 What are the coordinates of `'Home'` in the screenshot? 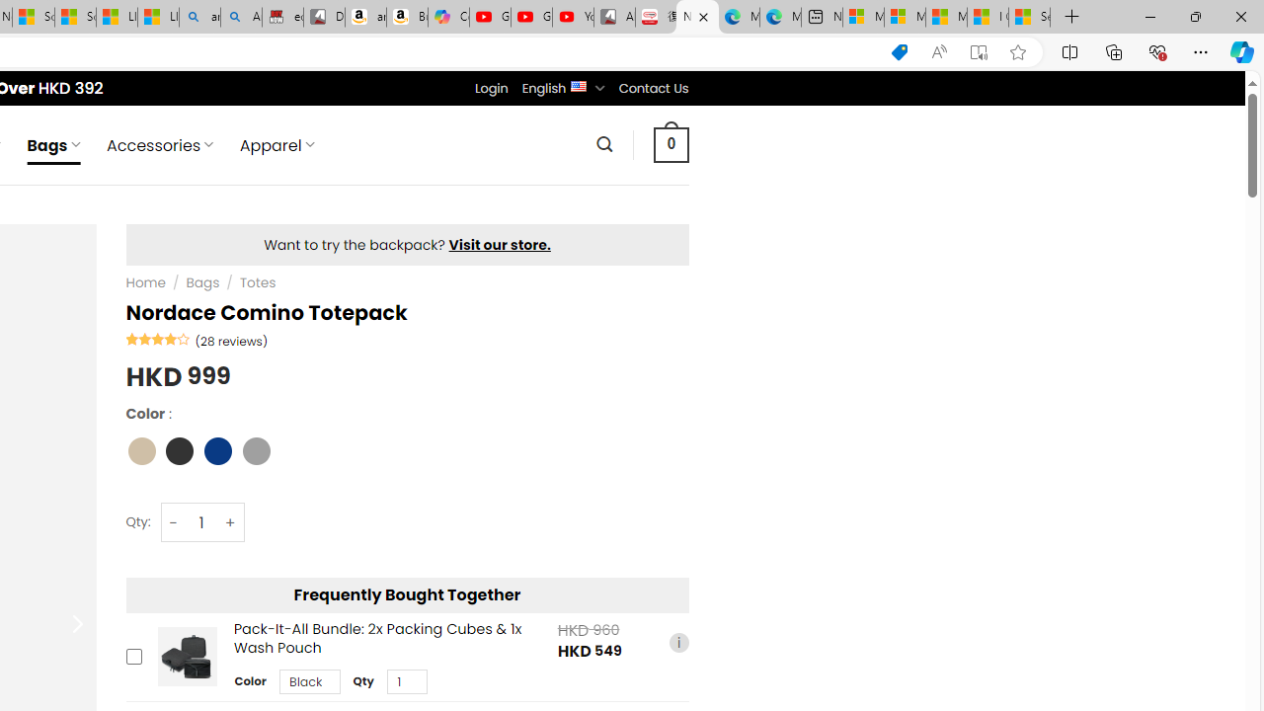 It's located at (144, 282).